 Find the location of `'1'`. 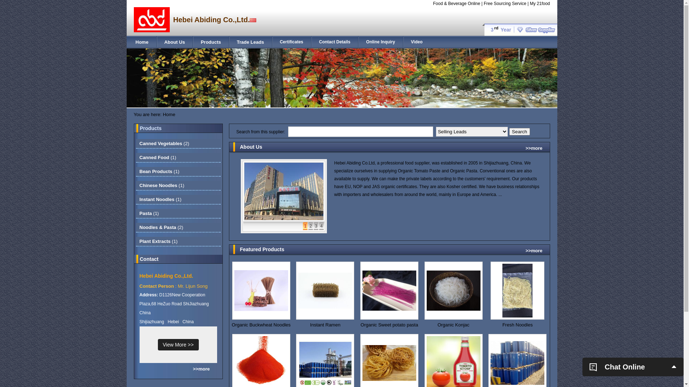

'1' is located at coordinates (305, 226).